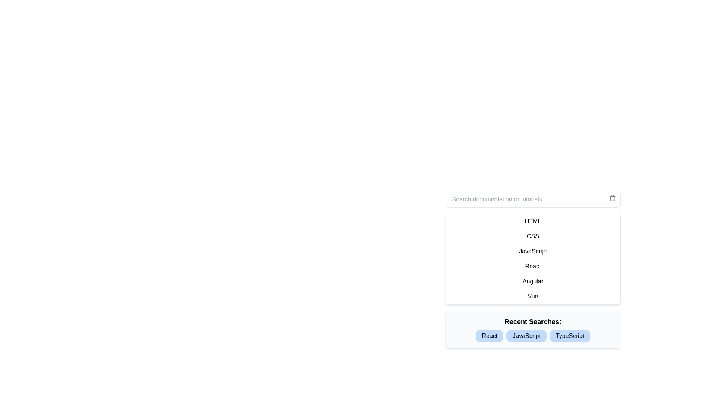  What do you see at coordinates (532, 221) in the screenshot?
I see `the first list item labeled 'HTML' in the vertical dropdown list` at bounding box center [532, 221].